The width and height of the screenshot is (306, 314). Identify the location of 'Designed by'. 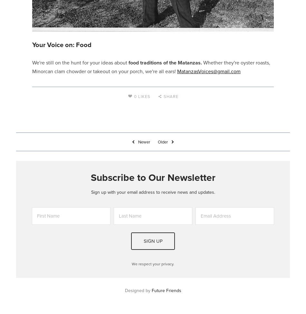
(138, 290).